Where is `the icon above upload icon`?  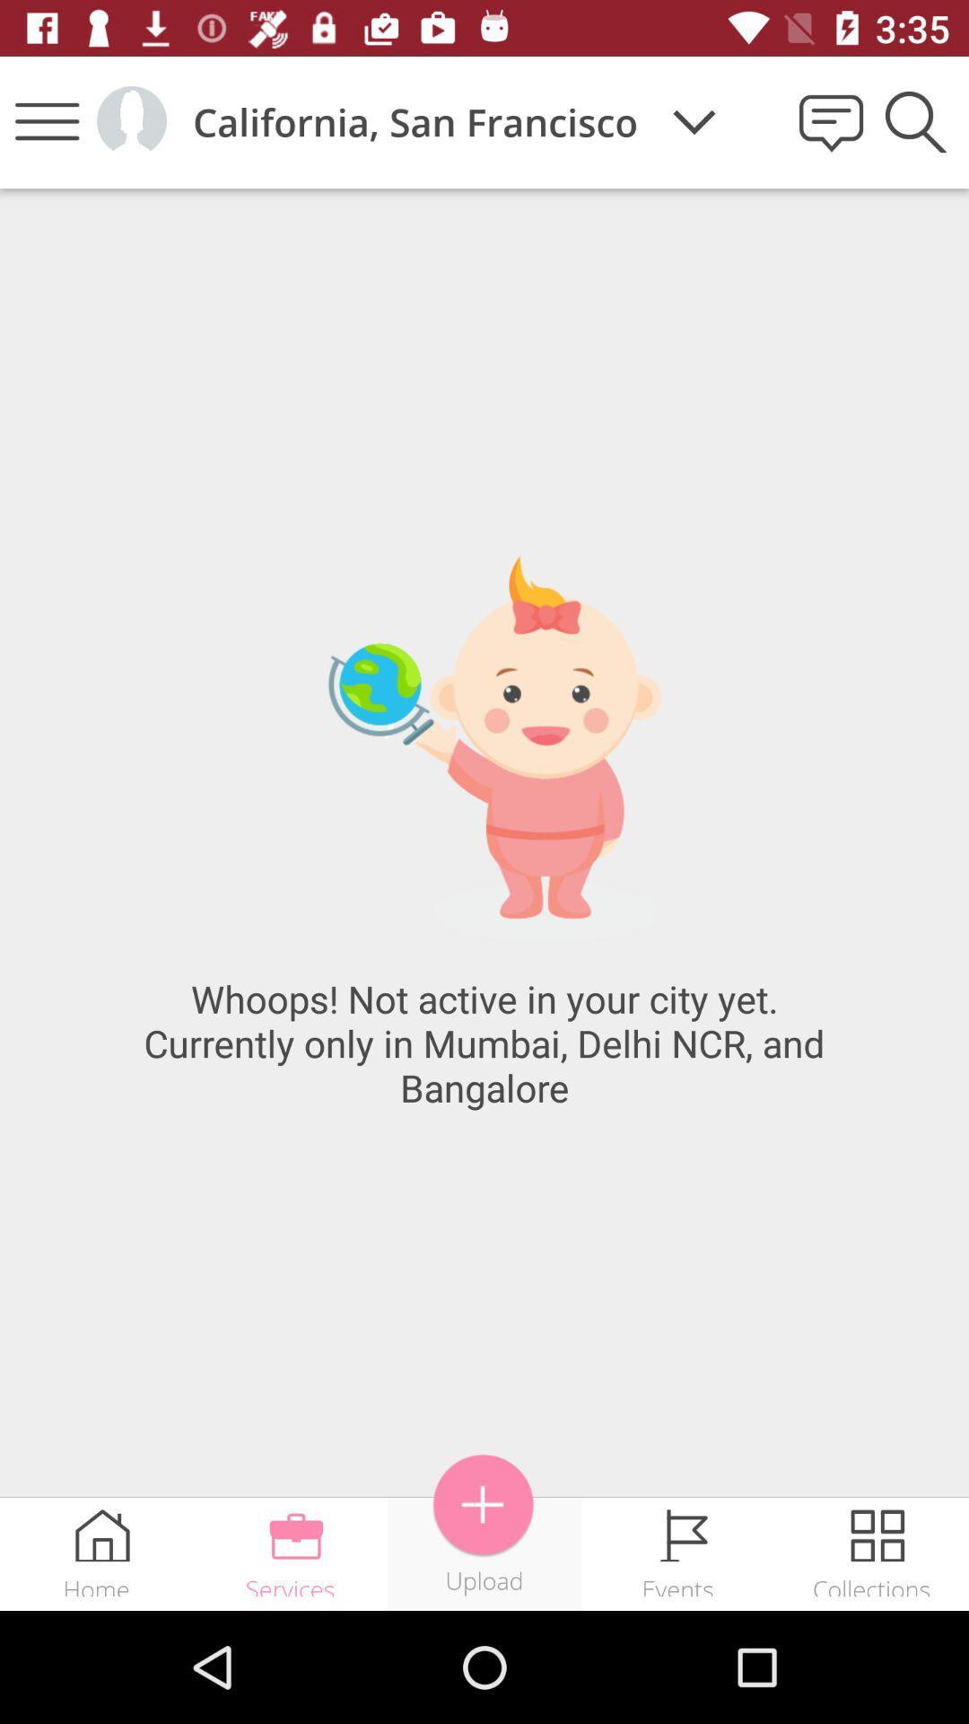
the icon above upload icon is located at coordinates (483, 1505).